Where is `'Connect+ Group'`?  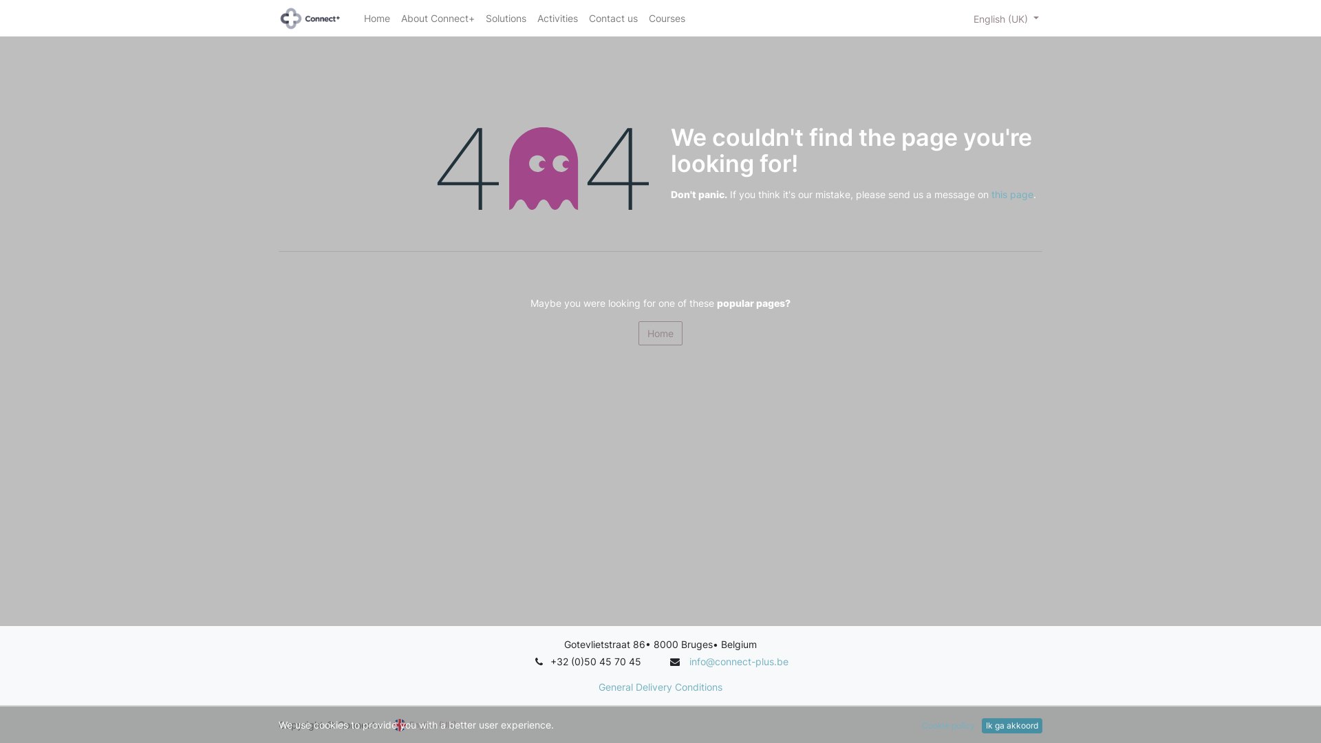 'Connect+ Group' is located at coordinates (310, 18).